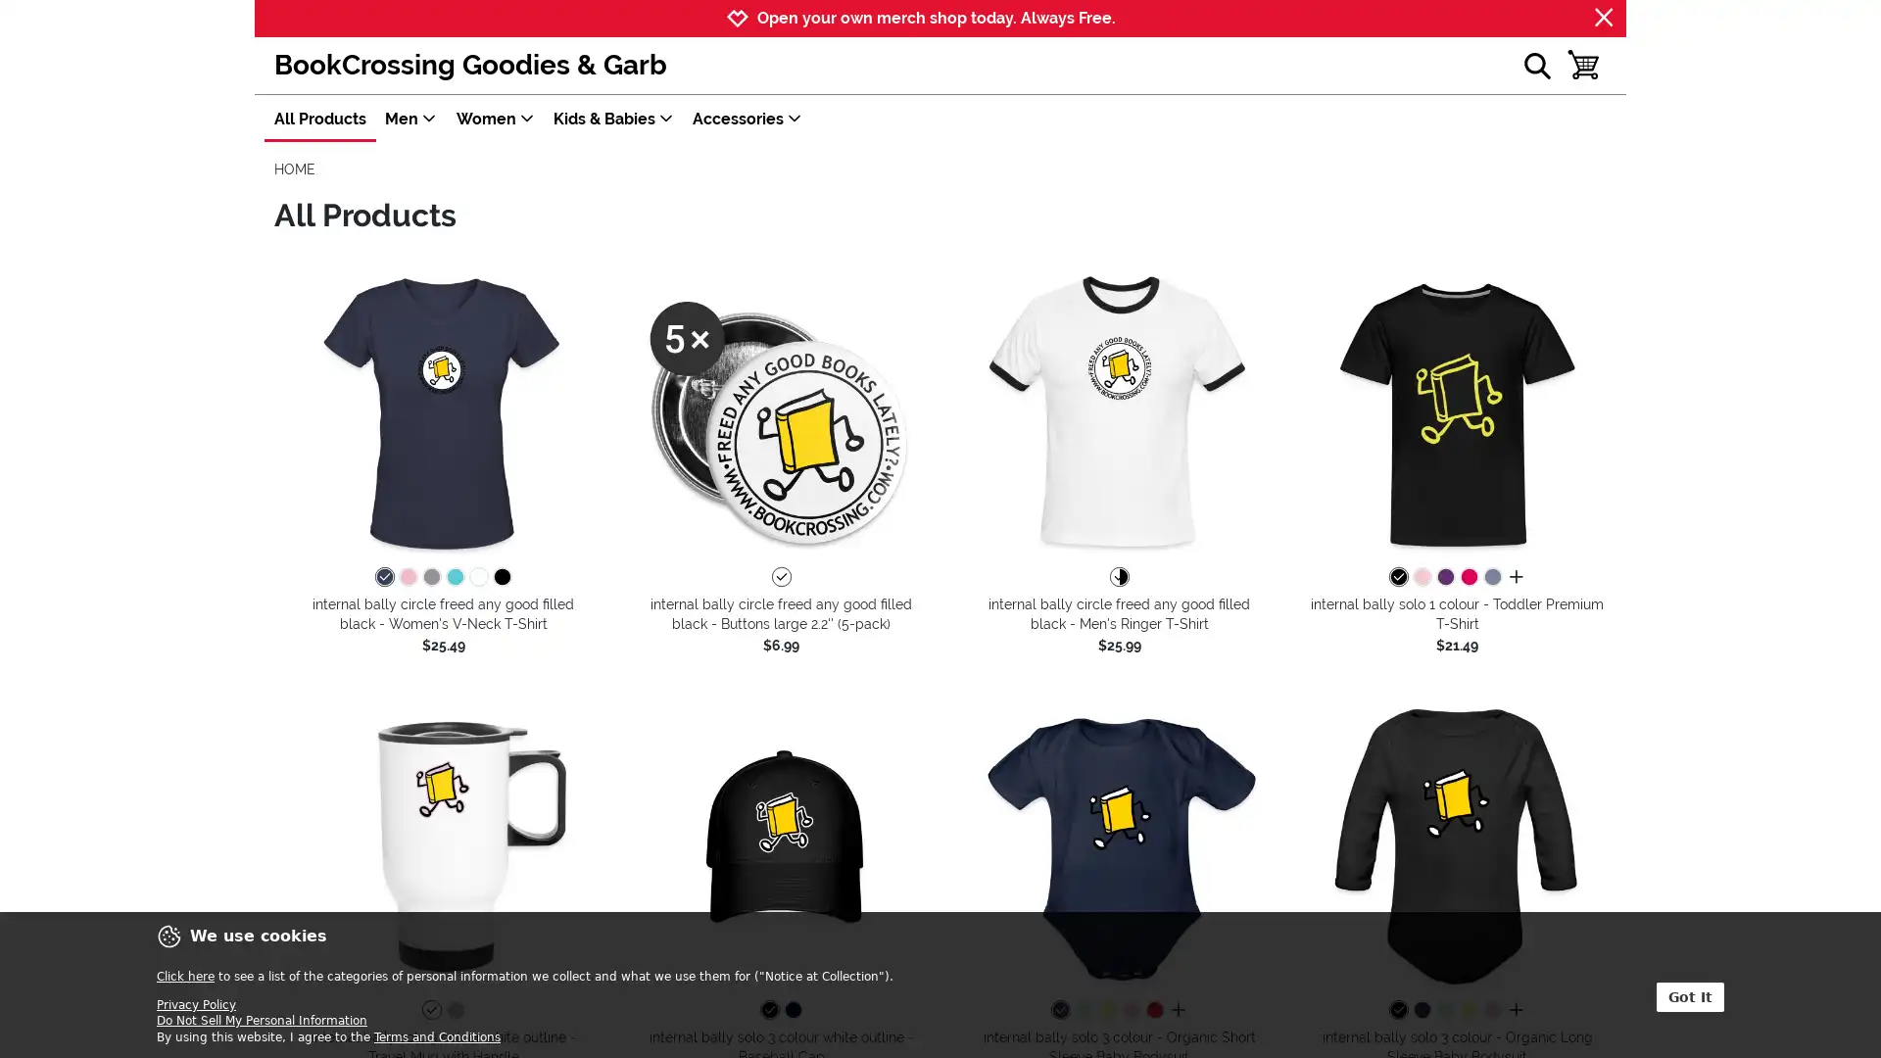 The width and height of the screenshot is (1881, 1058). Describe the element at coordinates (1153, 1011) in the screenshot. I see `red` at that location.